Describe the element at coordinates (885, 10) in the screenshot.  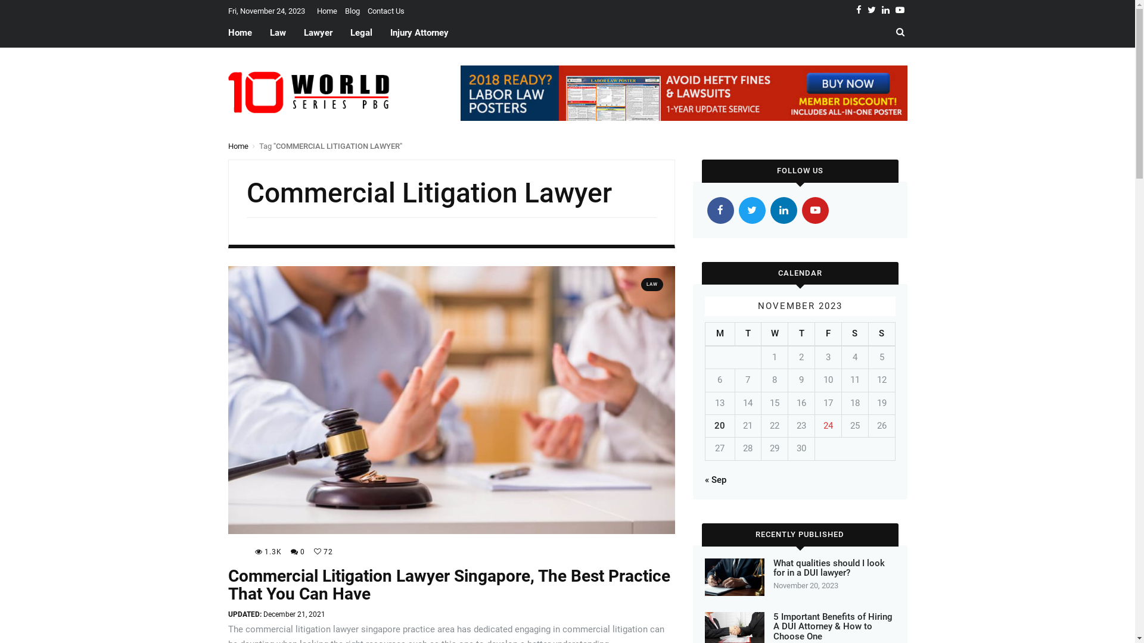
I see `'Linkedin'` at that location.